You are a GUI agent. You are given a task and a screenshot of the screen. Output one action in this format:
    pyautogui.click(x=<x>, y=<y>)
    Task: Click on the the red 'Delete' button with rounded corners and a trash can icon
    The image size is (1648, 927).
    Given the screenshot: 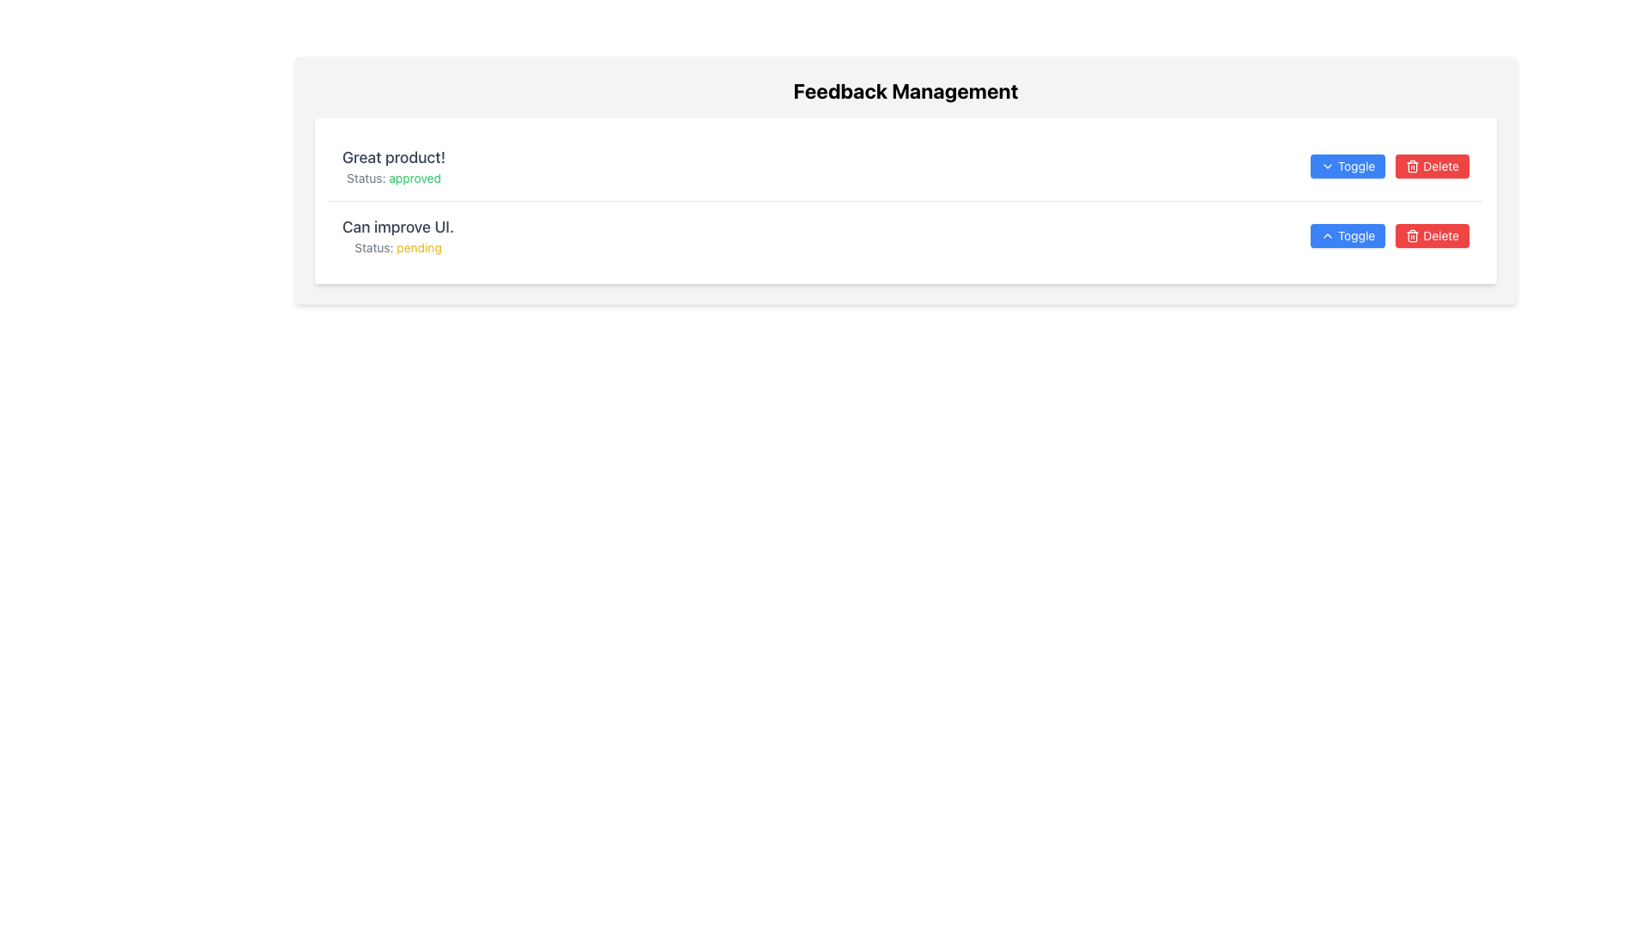 What is the action you would take?
    pyautogui.click(x=1433, y=235)
    